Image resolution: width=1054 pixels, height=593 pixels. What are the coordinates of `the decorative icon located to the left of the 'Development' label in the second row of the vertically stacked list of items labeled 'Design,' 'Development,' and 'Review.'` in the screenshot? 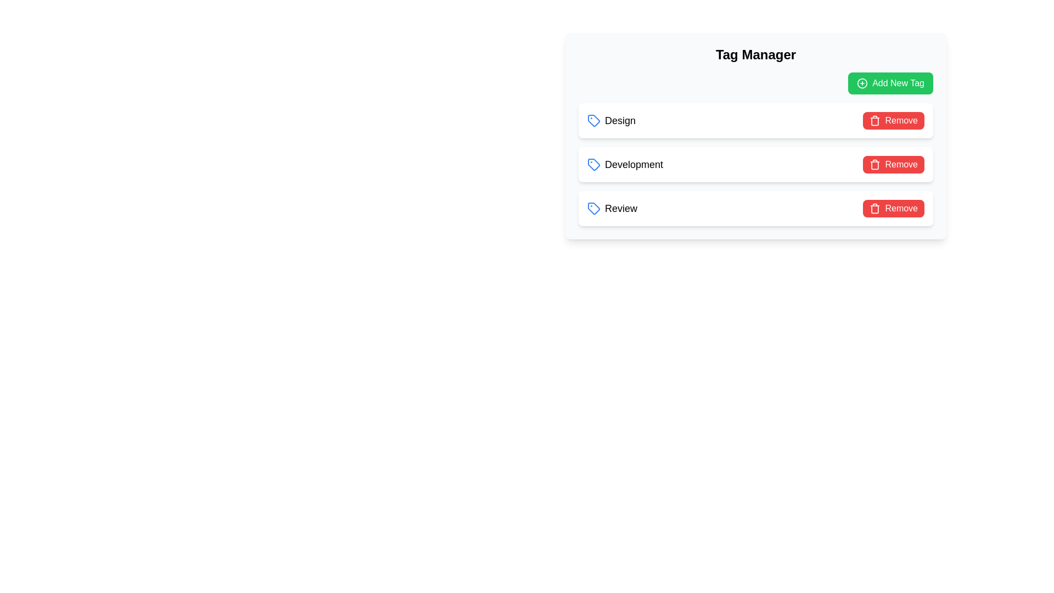 It's located at (593, 165).